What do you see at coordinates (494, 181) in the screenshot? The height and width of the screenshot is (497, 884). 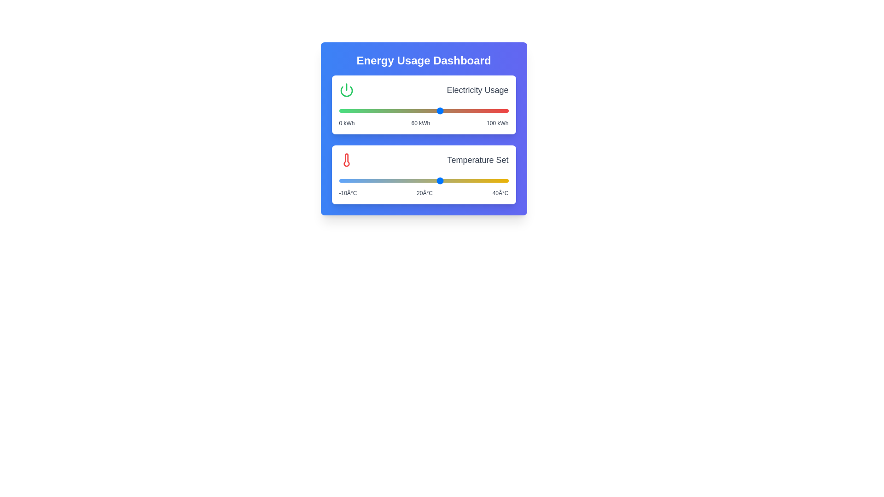 I see `the temperature slider to 36°C` at bounding box center [494, 181].